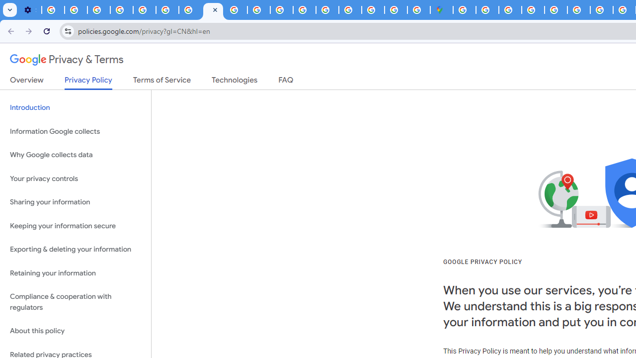 The height and width of the screenshot is (358, 636). I want to click on 'Google Maps', so click(441, 10).